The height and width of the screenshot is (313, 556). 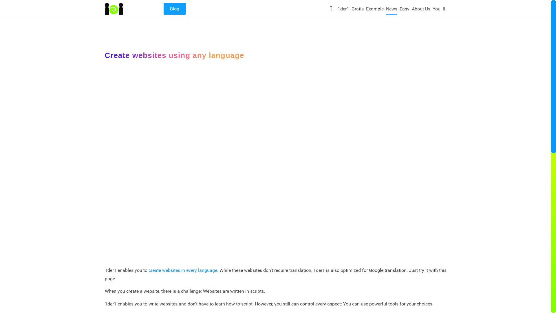 I want to click on 'You', so click(x=436, y=10).